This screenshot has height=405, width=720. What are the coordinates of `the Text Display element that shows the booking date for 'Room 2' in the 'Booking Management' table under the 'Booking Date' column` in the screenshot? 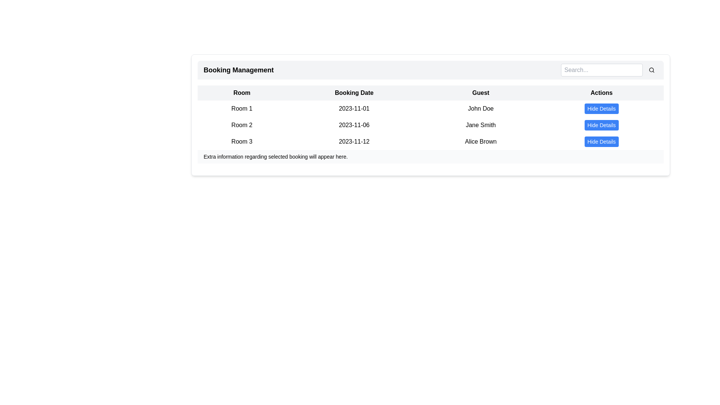 It's located at (354, 125).